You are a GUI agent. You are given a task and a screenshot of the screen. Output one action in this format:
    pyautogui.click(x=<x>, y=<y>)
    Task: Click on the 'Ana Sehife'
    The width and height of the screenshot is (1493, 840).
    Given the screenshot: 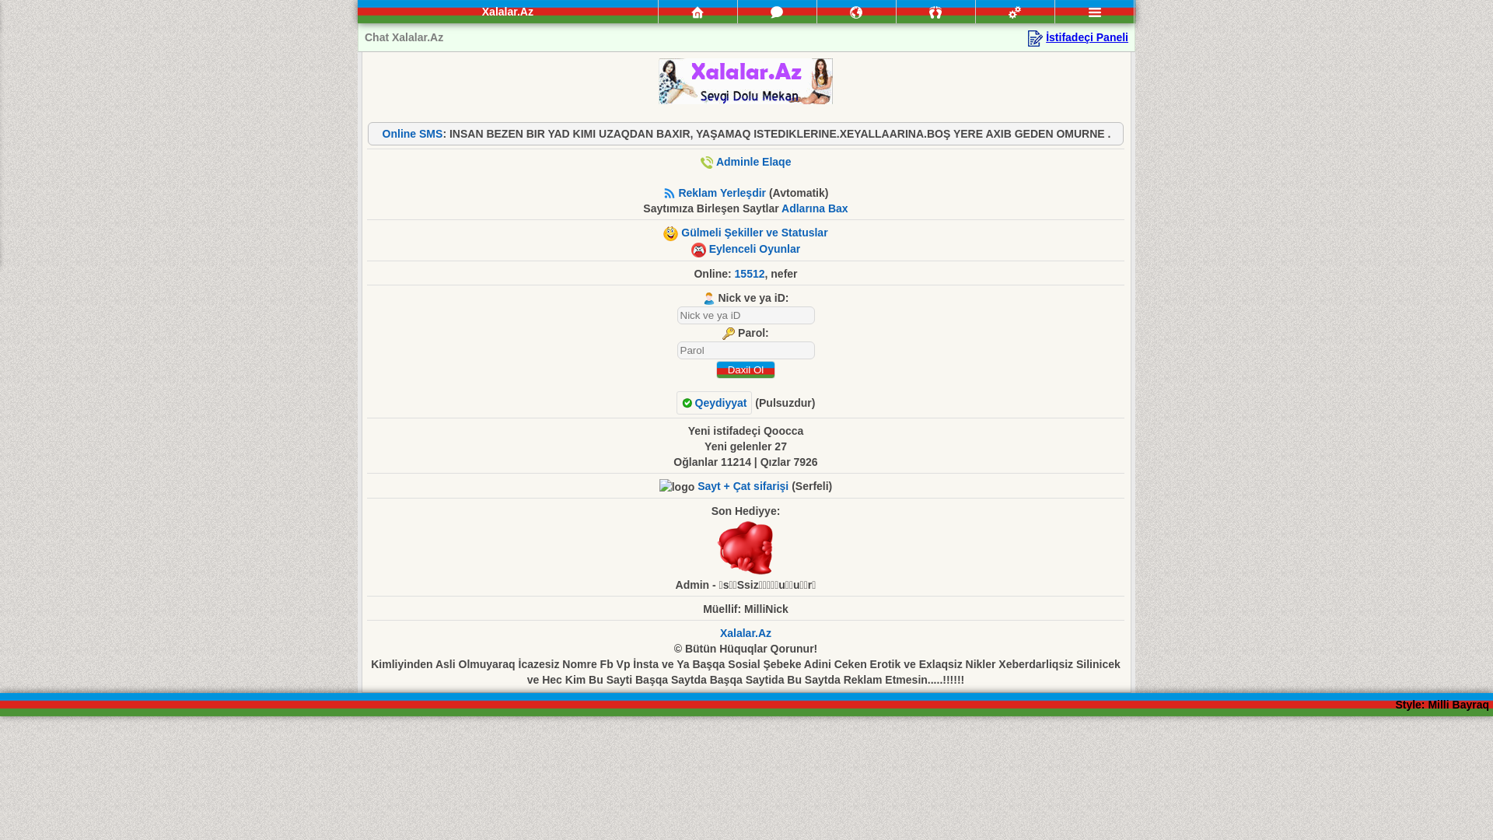 What is the action you would take?
    pyautogui.click(x=697, y=12)
    